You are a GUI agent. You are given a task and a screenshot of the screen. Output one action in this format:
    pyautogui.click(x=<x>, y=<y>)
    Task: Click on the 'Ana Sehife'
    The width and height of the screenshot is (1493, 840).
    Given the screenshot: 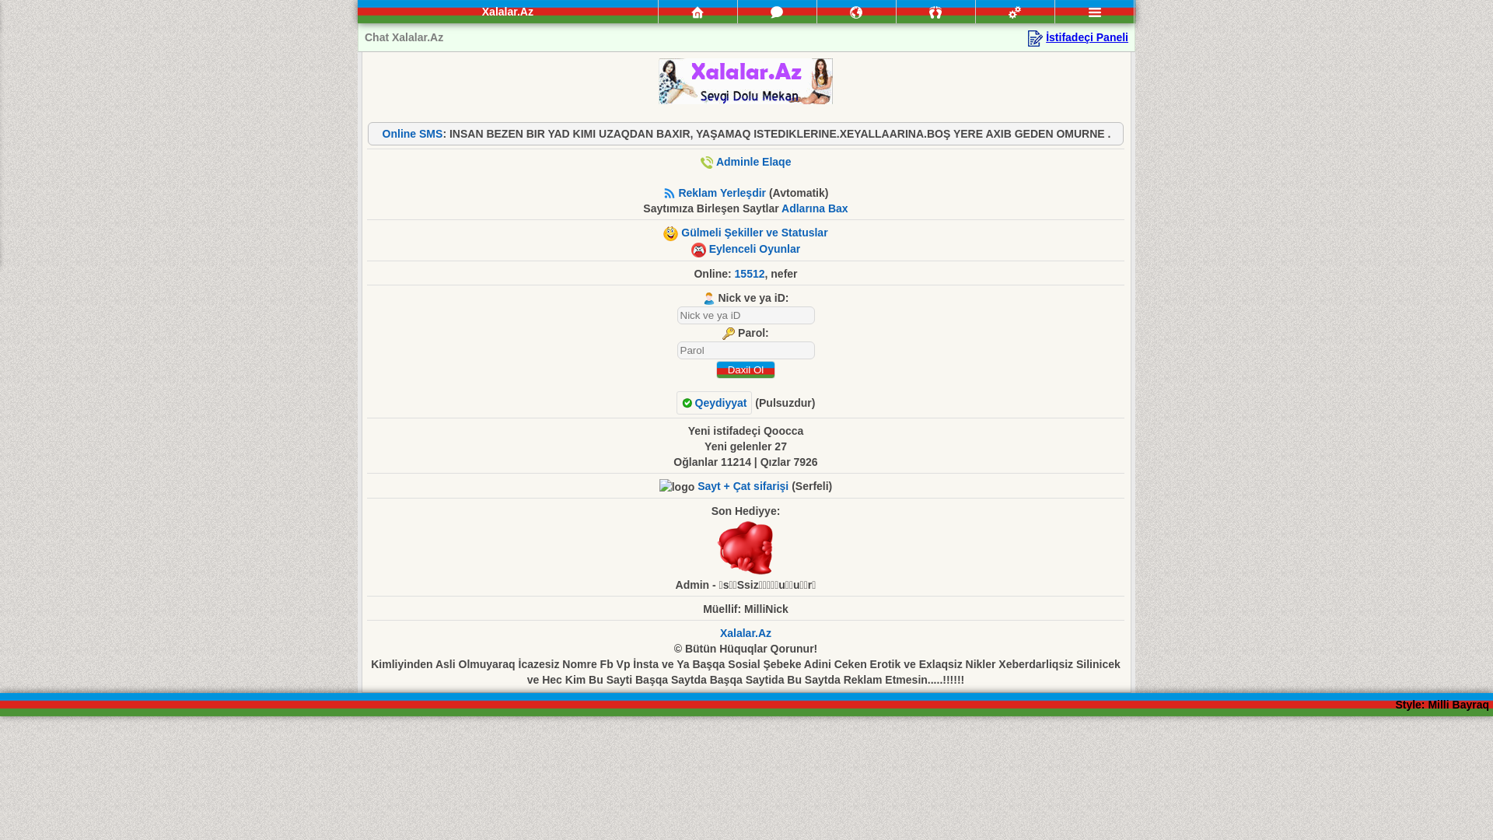 What is the action you would take?
    pyautogui.click(x=697, y=12)
    